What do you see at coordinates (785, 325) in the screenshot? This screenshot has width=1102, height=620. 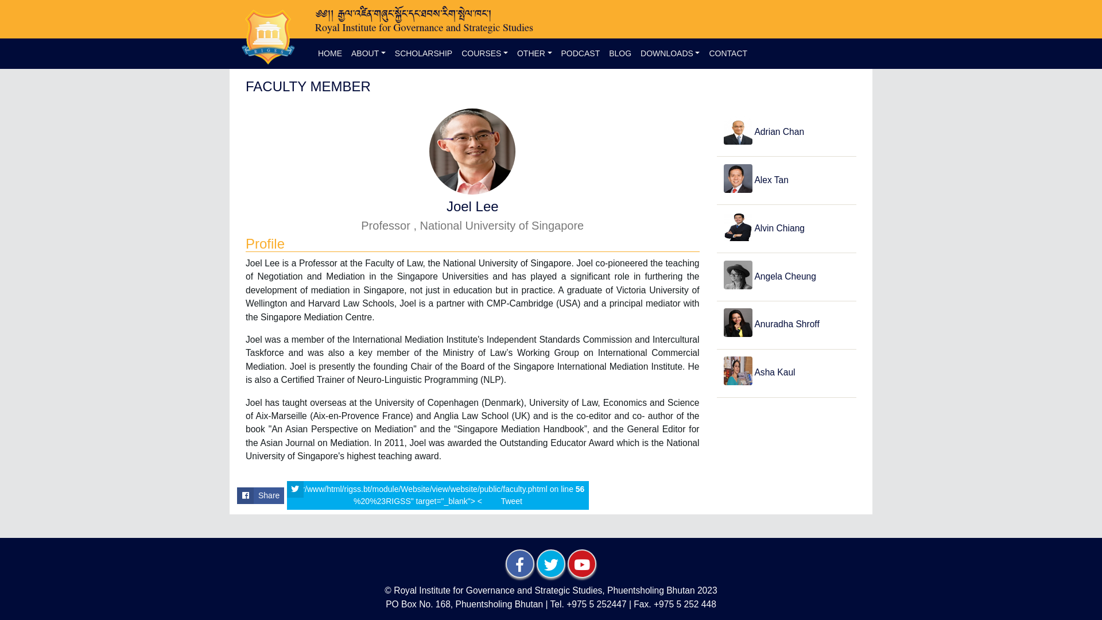 I see `'Anuradha Shroff'` at bounding box center [785, 325].